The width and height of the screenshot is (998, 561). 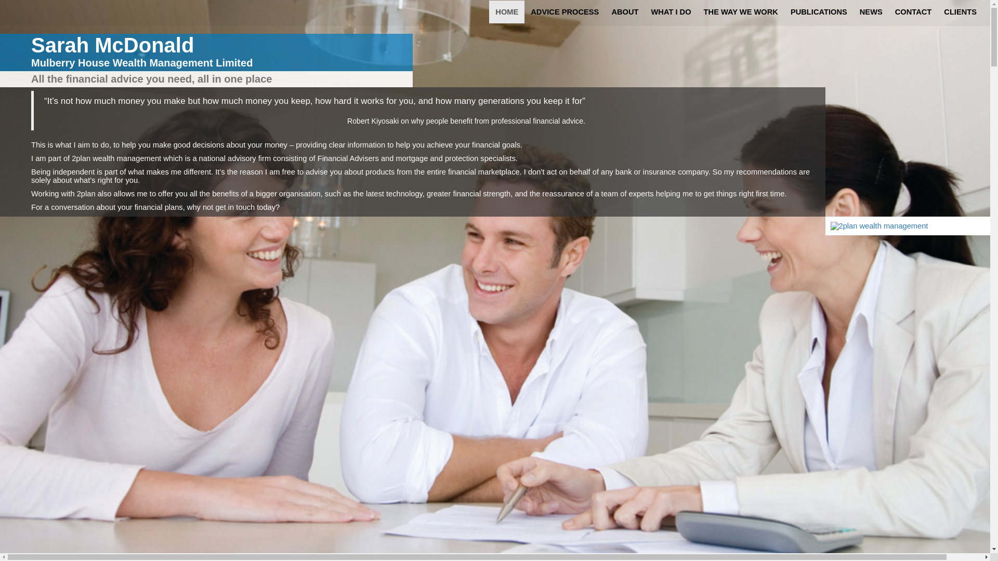 I want to click on 'THE WAY WE WORK', so click(x=740, y=12).